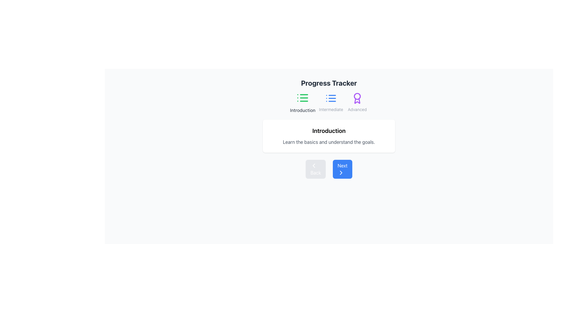  Describe the element at coordinates (357, 102) in the screenshot. I see `the 'Advanced' icon-text combination, which features a purple award icon above the gray text 'Advanced'` at that location.